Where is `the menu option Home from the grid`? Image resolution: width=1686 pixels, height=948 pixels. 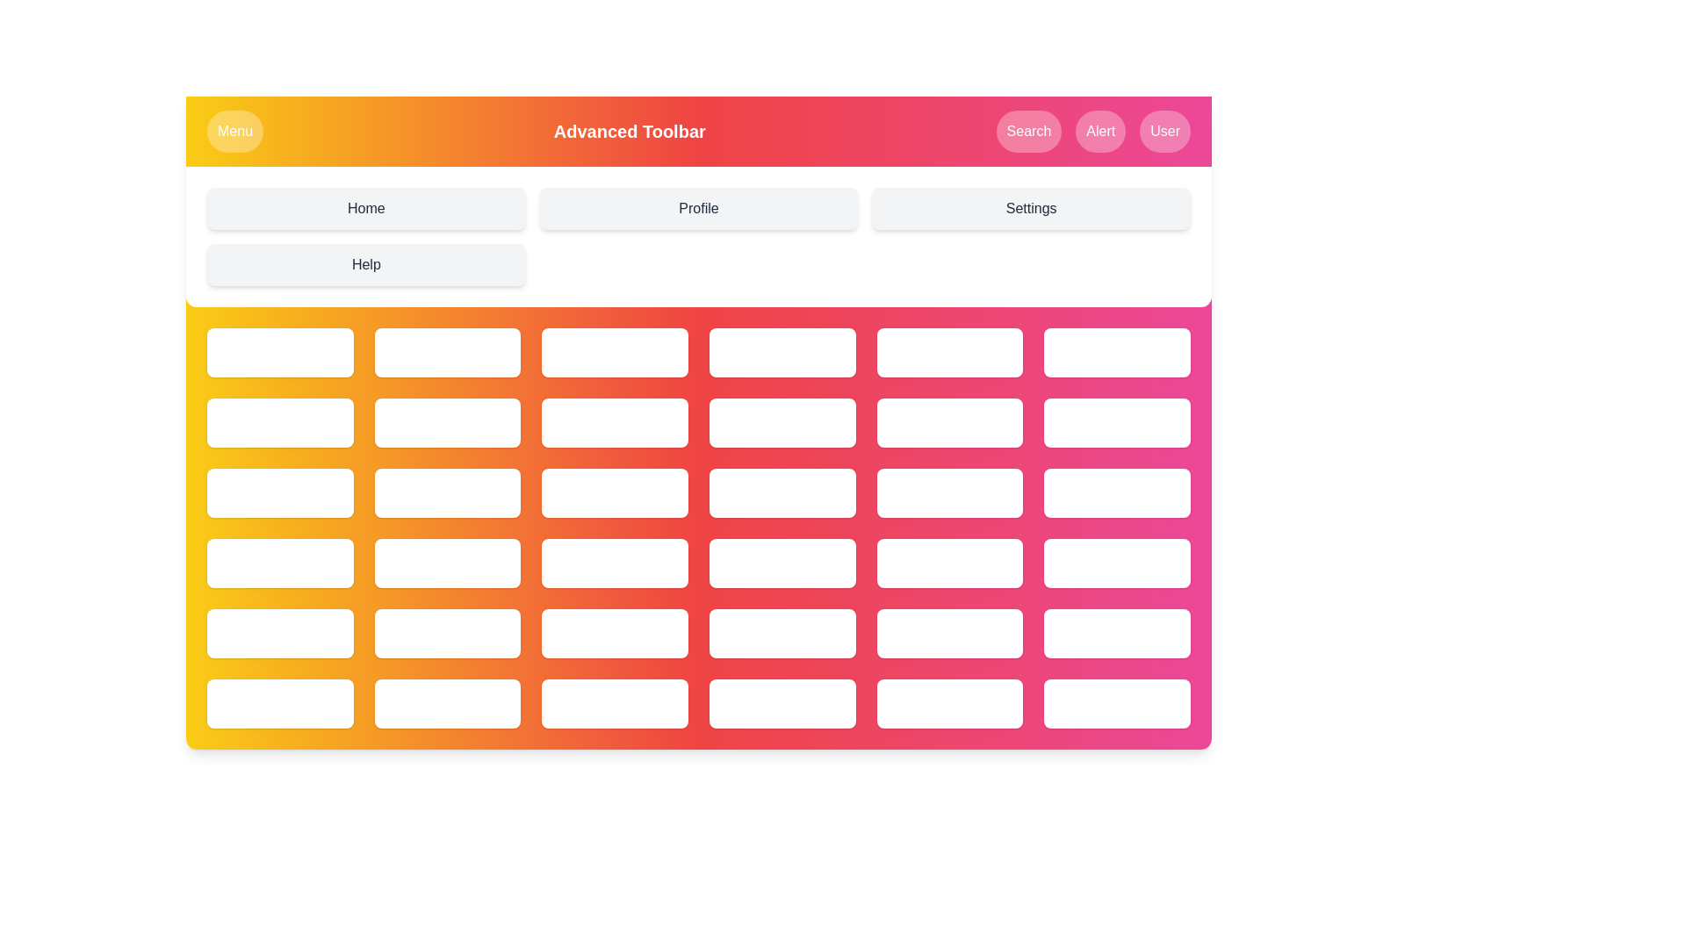
the menu option Home from the grid is located at coordinates (365, 208).